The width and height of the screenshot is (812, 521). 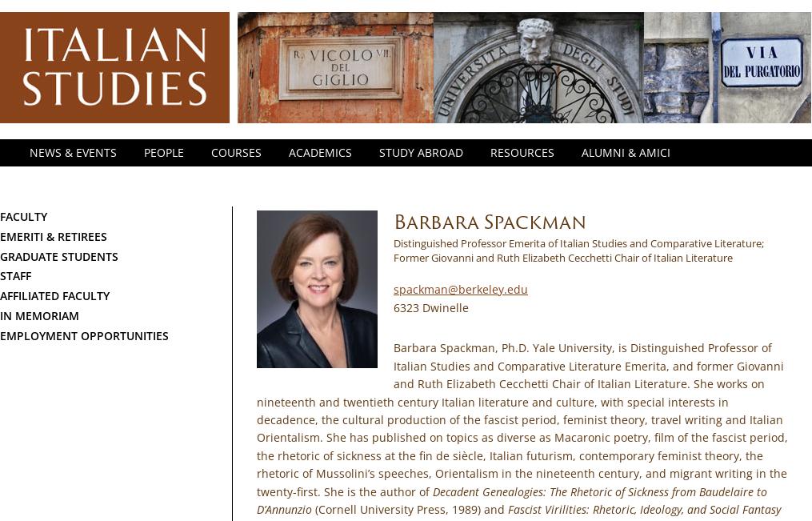 What do you see at coordinates (392, 221) in the screenshot?
I see `'Barbara Spackman'` at bounding box center [392, 221].